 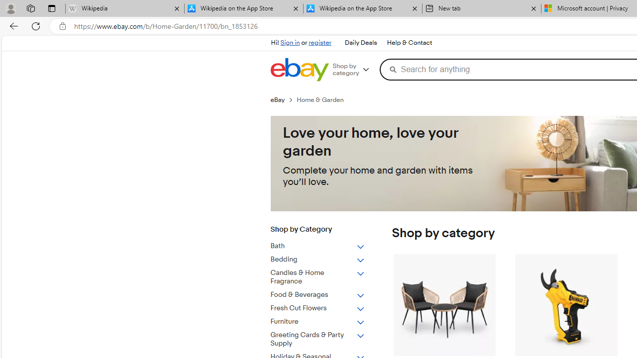 What do you see at coordinates (317, 322) in the screenshot?
I see `'Furniture'` at bounding box center [317, 322].